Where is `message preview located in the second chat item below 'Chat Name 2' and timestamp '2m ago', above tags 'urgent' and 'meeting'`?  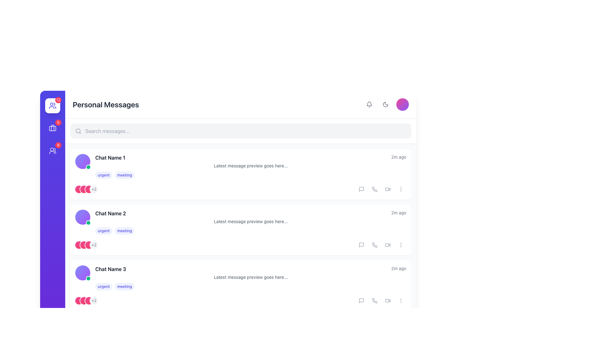
message preview located in the second chat item below 'Chat Name 2' and timestamp '2m ago', above tags 'urgent' and 'meeting' is located at coordinates (251, 221).